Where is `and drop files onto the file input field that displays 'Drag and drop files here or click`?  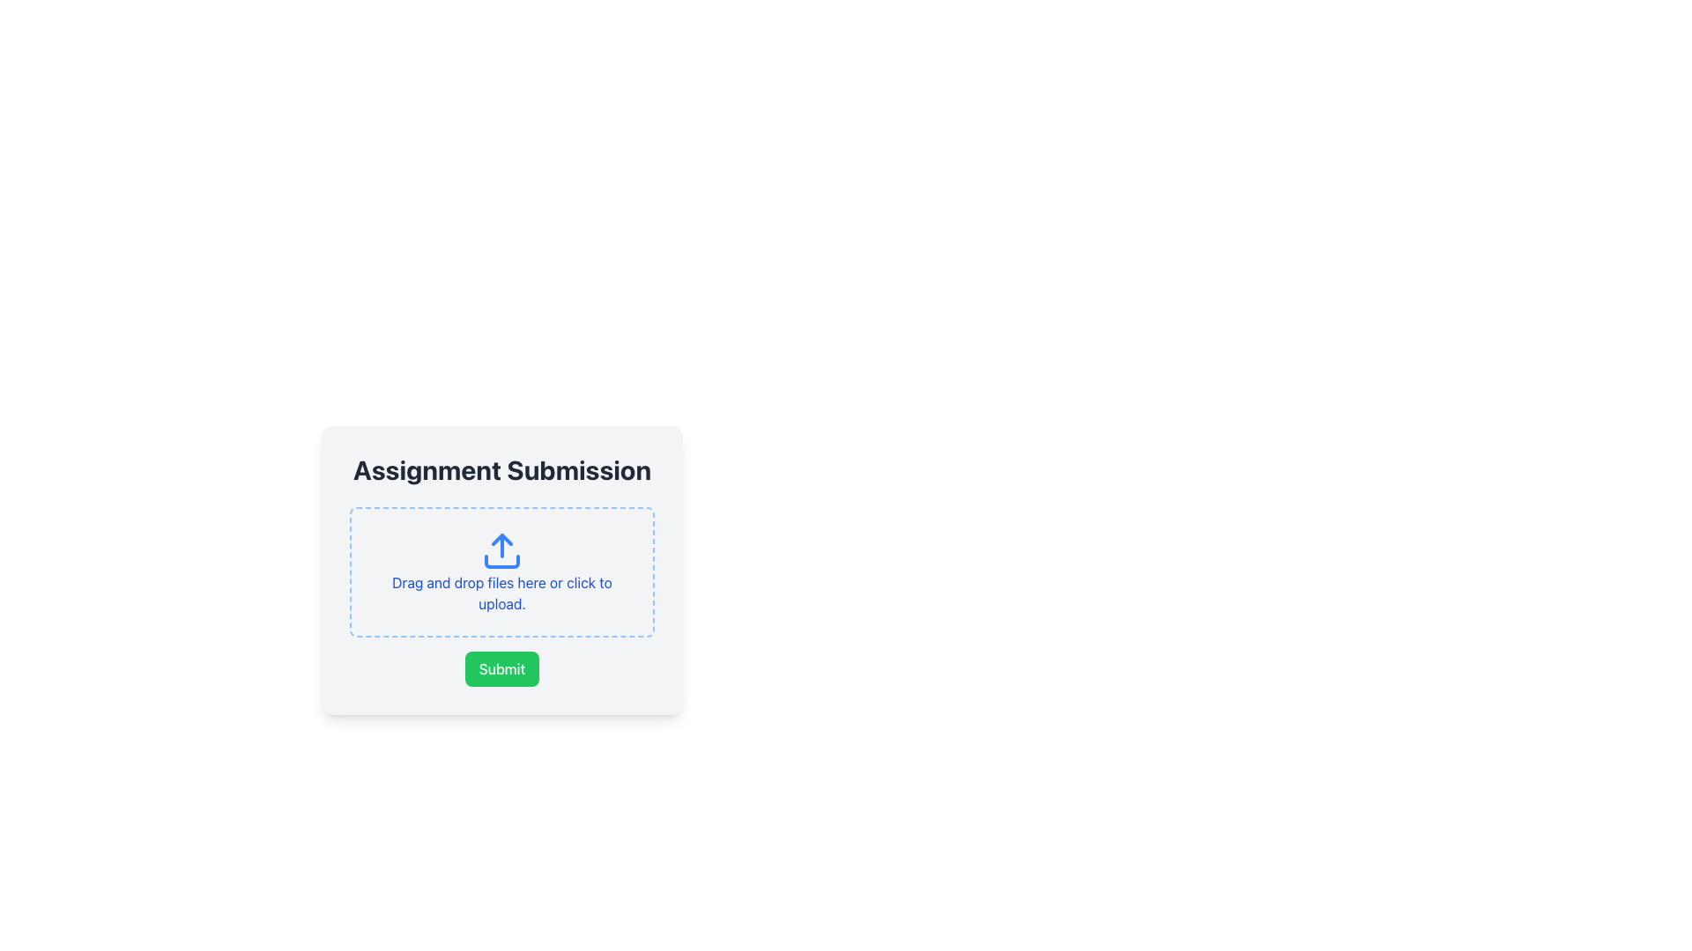
and drop files onto the file input field that displays 'Drag and drop files here or click is located at coordinates (501, 572).